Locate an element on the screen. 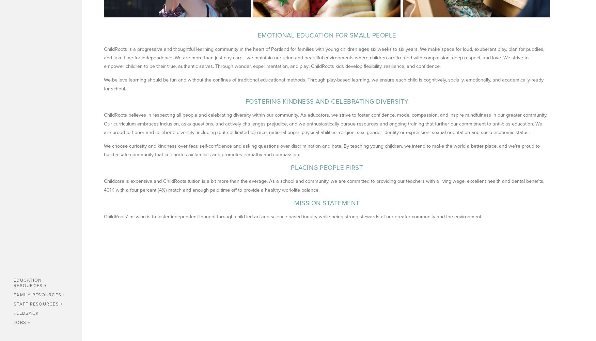 This screenshot has width=596, height=341. 'Jobs' is located at coordinates (13, 322).